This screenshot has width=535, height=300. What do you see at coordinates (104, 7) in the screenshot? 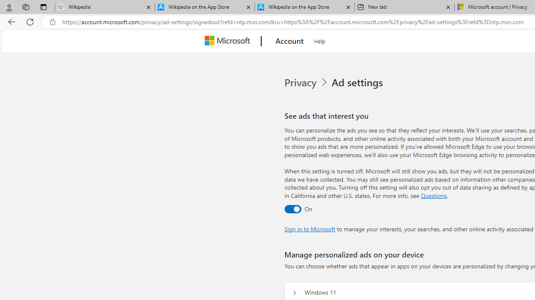
I see `'Wikipedia - Sleeping'` at bounding box center [104, 7].